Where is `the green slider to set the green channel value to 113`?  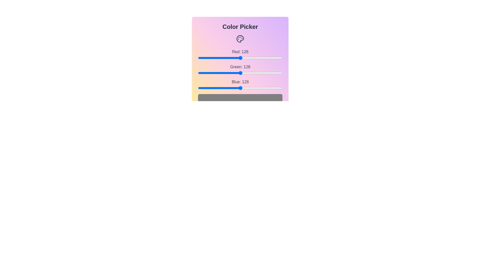 the green slider to set the green channel value to 113 is located at coordinates (235, 73).